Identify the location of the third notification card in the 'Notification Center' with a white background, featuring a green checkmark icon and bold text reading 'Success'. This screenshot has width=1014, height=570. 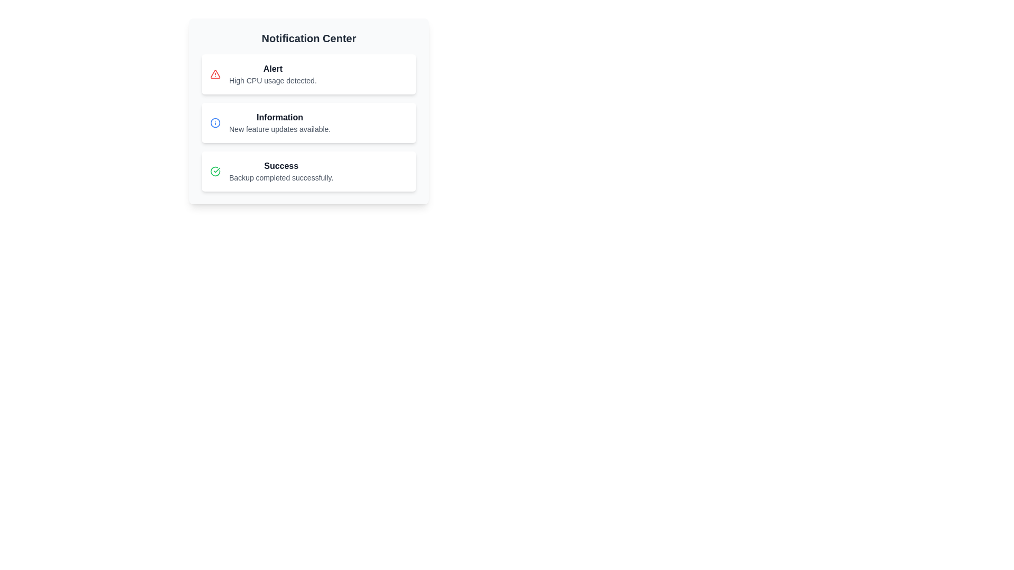
(308, 170).